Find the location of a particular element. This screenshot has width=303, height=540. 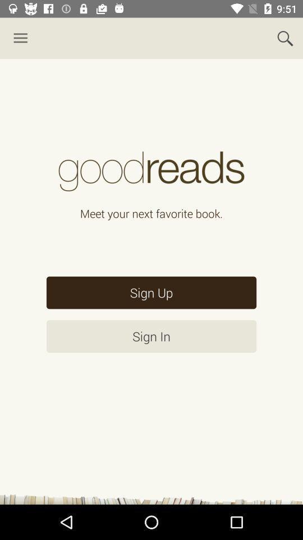

the item below the sign up is located at coordinates (151, 336).